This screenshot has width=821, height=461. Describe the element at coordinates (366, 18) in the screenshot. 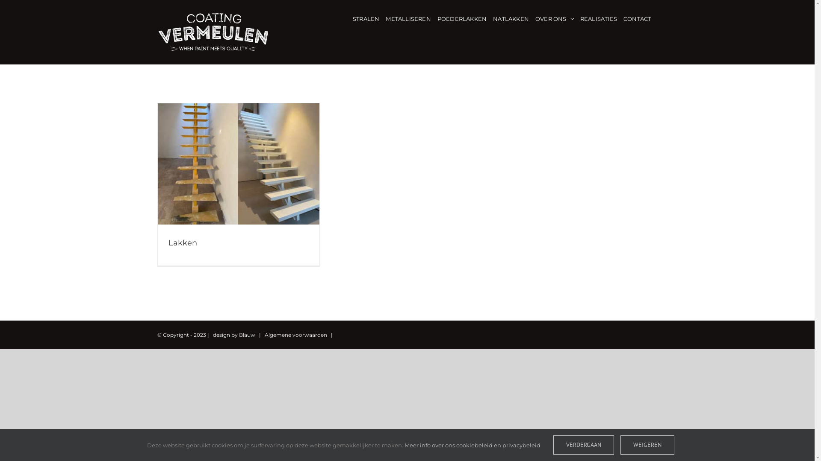

I see `'STRALEN'` at that location.